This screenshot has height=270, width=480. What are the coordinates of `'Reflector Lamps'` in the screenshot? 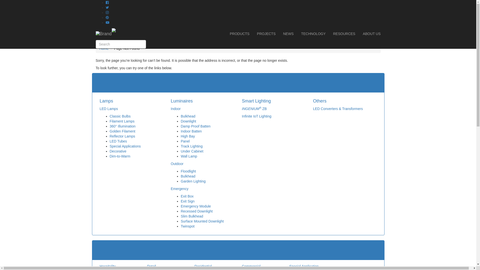 It's located at (122, 136).